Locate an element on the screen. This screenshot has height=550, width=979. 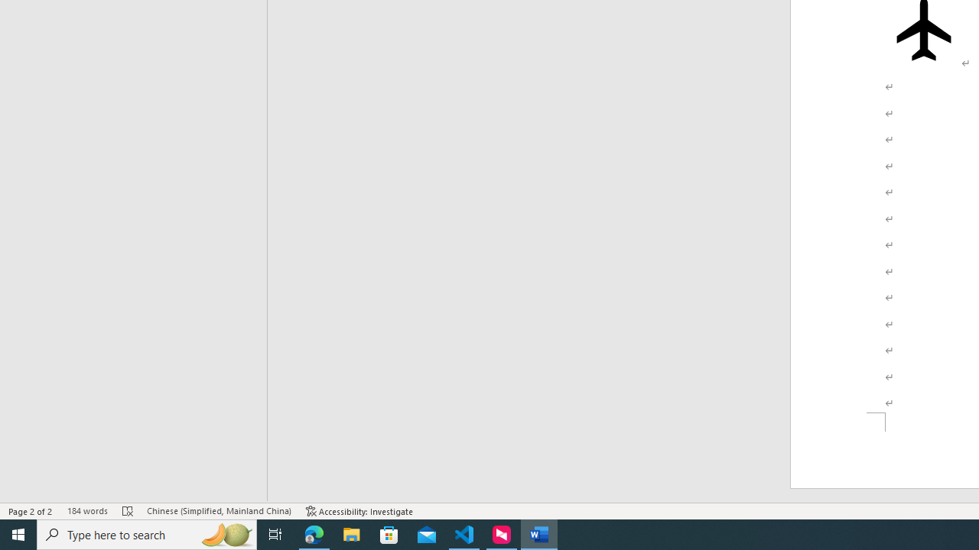
'Accessibility Checker Accessibility: Investigate' is located at coordinates (359, 511).